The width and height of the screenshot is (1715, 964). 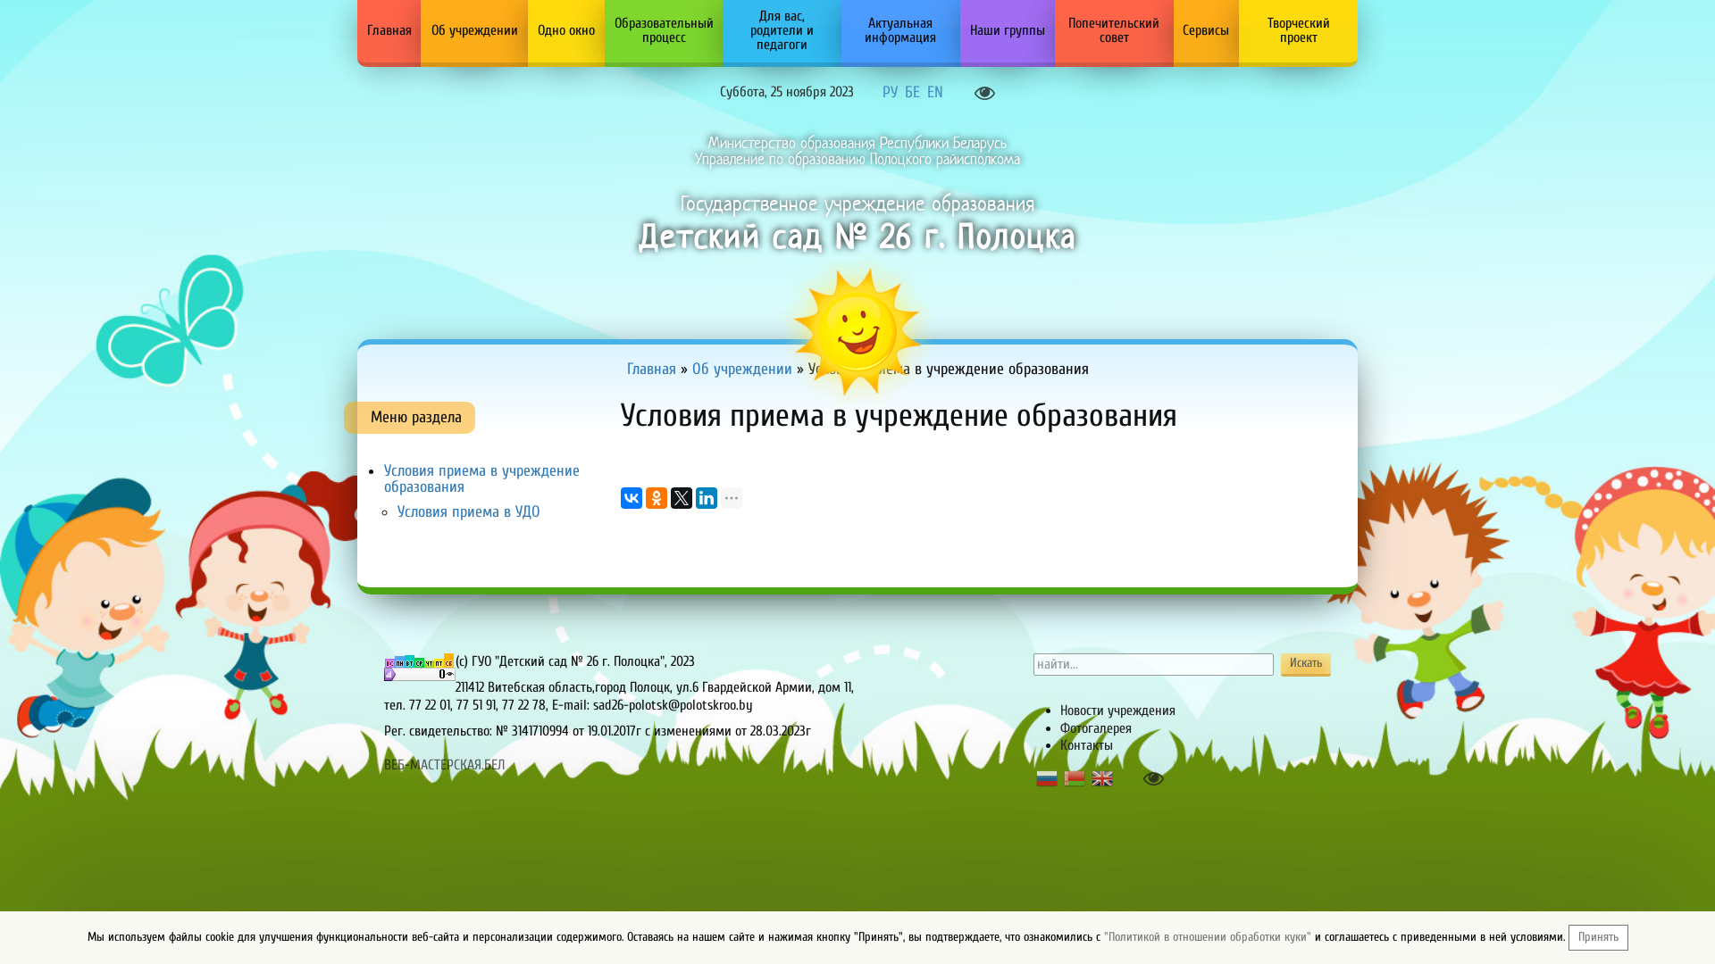 What do you see at coordinates (926, 92) in the screenshot?
I see `'EN'` at bounding box center [926, 92].